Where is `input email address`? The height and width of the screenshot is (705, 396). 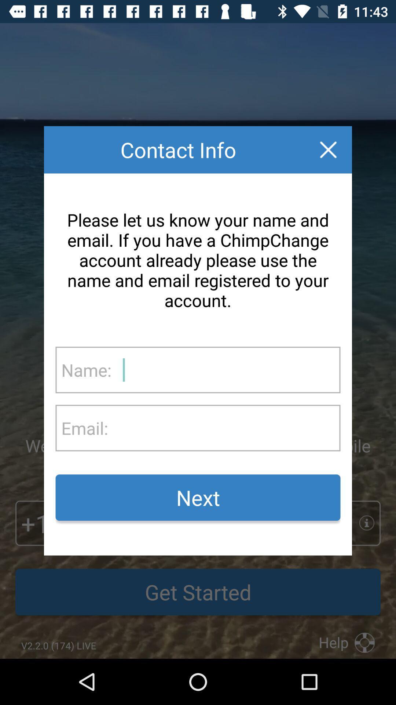 input email address is located at coordinates (224, 428).